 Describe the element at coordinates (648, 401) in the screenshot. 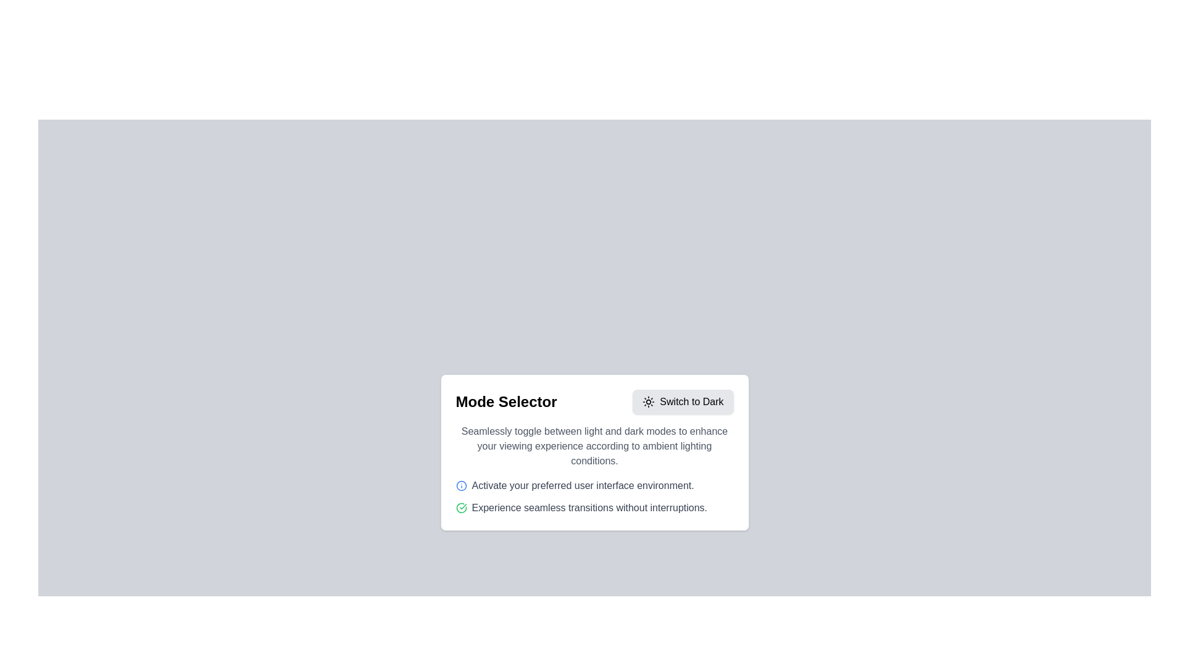

I see `the 'Switch to Dark' button located in the top-right area of the 'Mode Selector' modal` at that location.